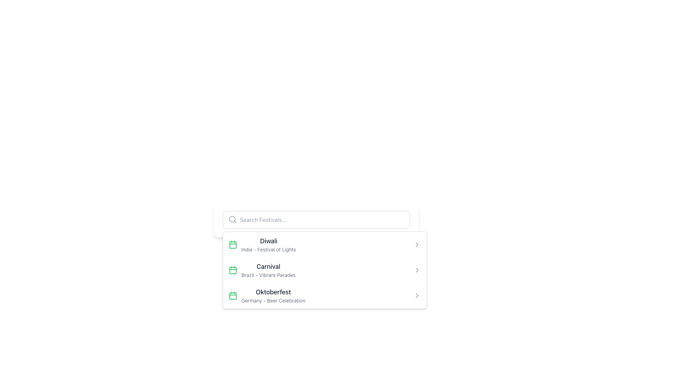 This screenshot has width=681, height=383. I want to click on the 'Carnival' list item in the dropdown, so click(268, 270).